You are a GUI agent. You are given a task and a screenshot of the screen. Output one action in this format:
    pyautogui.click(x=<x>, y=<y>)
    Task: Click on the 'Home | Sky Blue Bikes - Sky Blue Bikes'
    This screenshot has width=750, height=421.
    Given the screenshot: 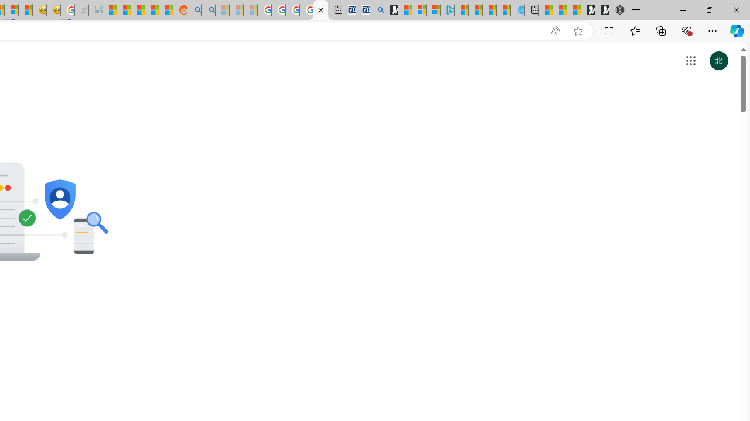 What is the action you would take?
    pyautogui.click(x=517, y=10)
    